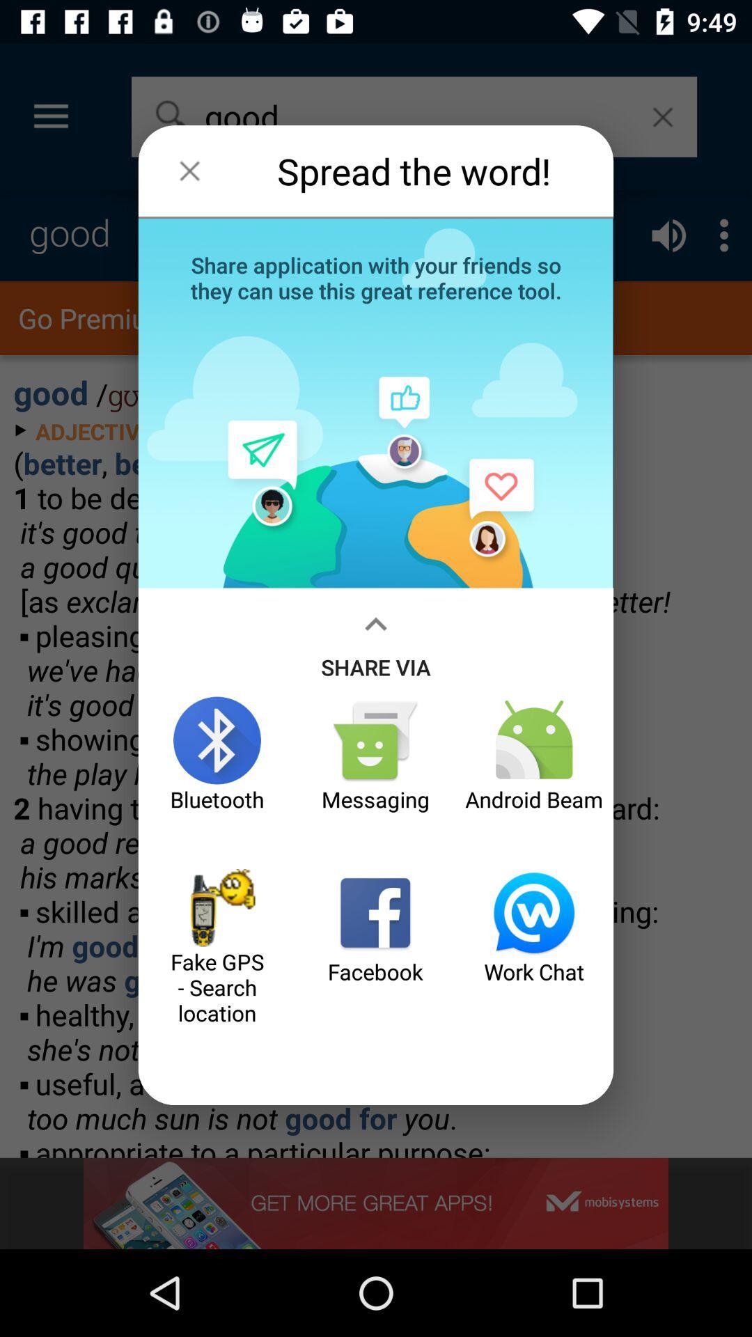  I want to click on share via, so click(376, 641).